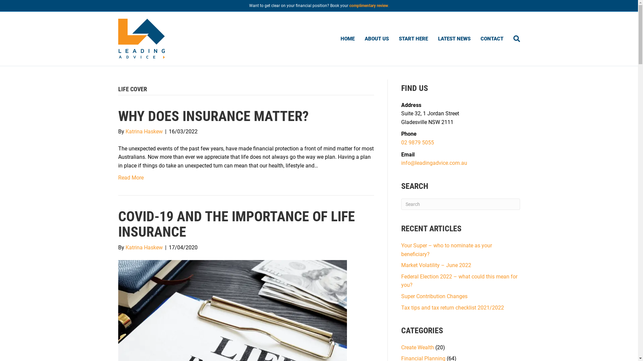  I want to click on 'Super Contribution Changes', so click(434, 296).